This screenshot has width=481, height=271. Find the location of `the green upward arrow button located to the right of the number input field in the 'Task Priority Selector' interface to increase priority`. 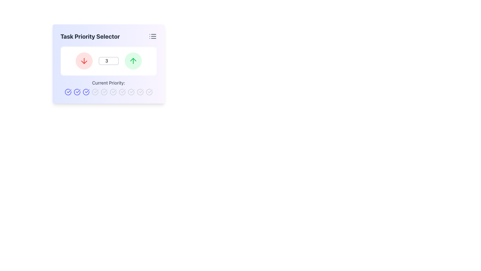

the green upward arrow button located to the right of the number input field in the 'Task Priority Selector' interface to increase priority is located at coordinates (133, 61).